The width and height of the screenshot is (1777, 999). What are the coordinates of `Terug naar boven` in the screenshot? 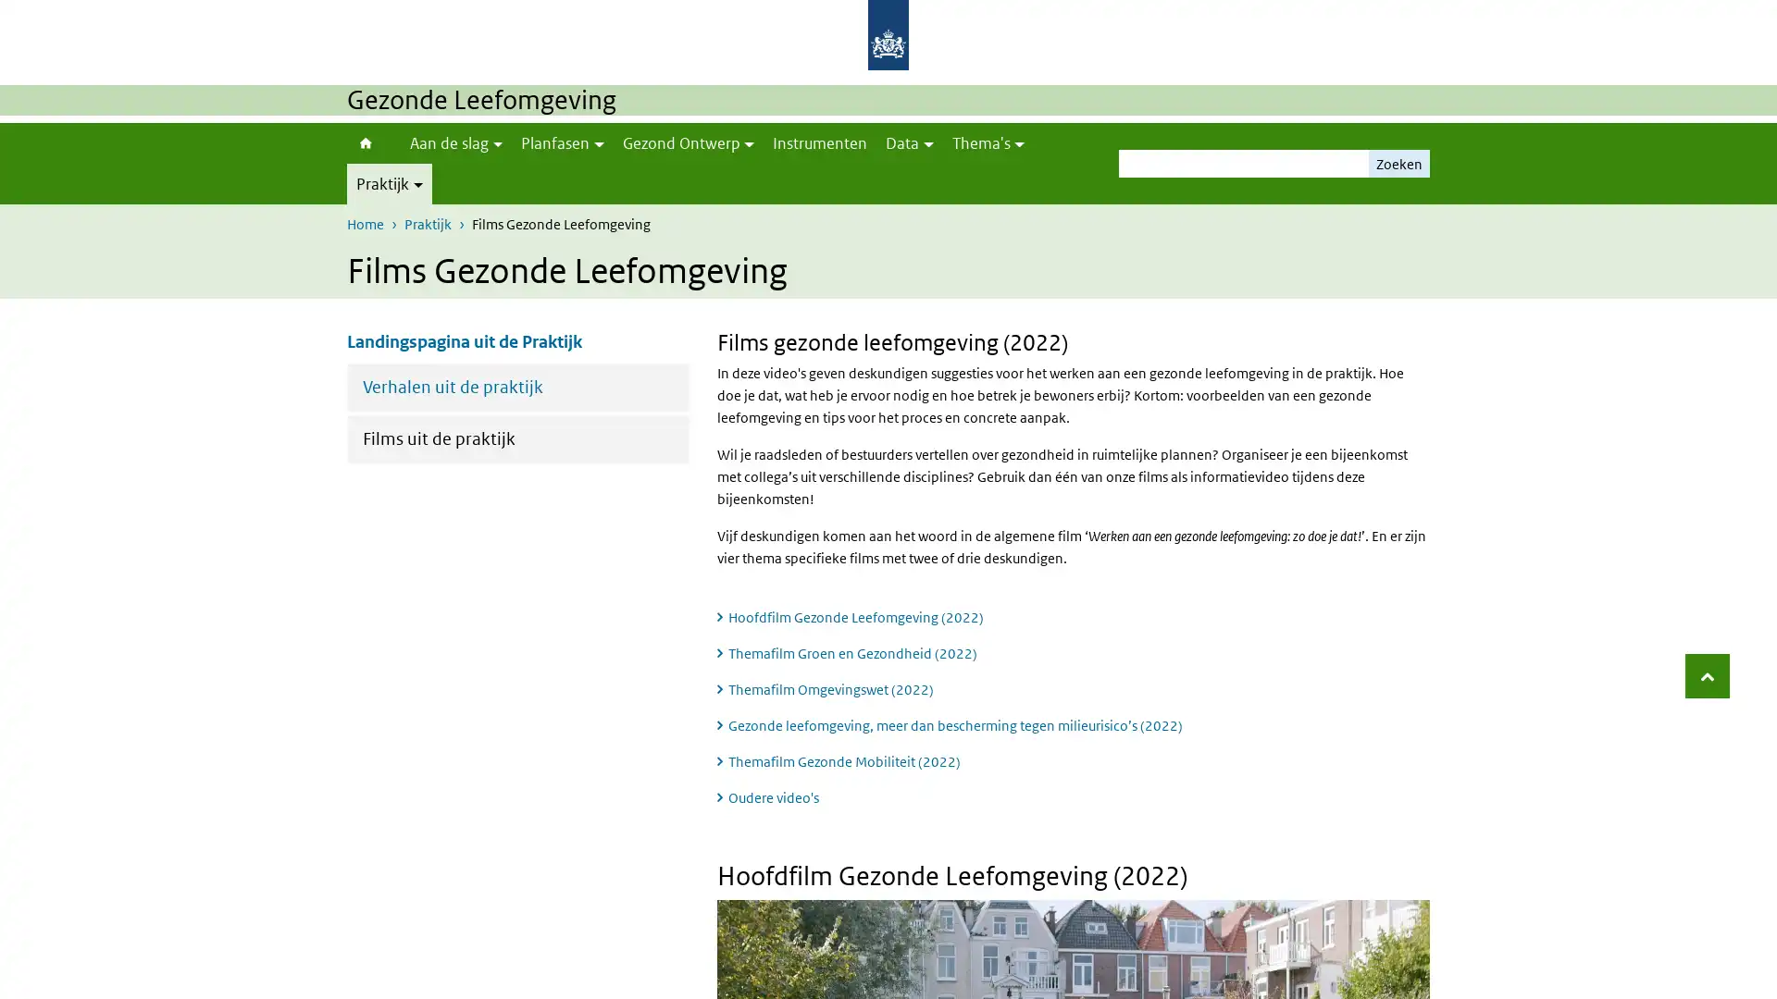 It's located at (1706, 676).